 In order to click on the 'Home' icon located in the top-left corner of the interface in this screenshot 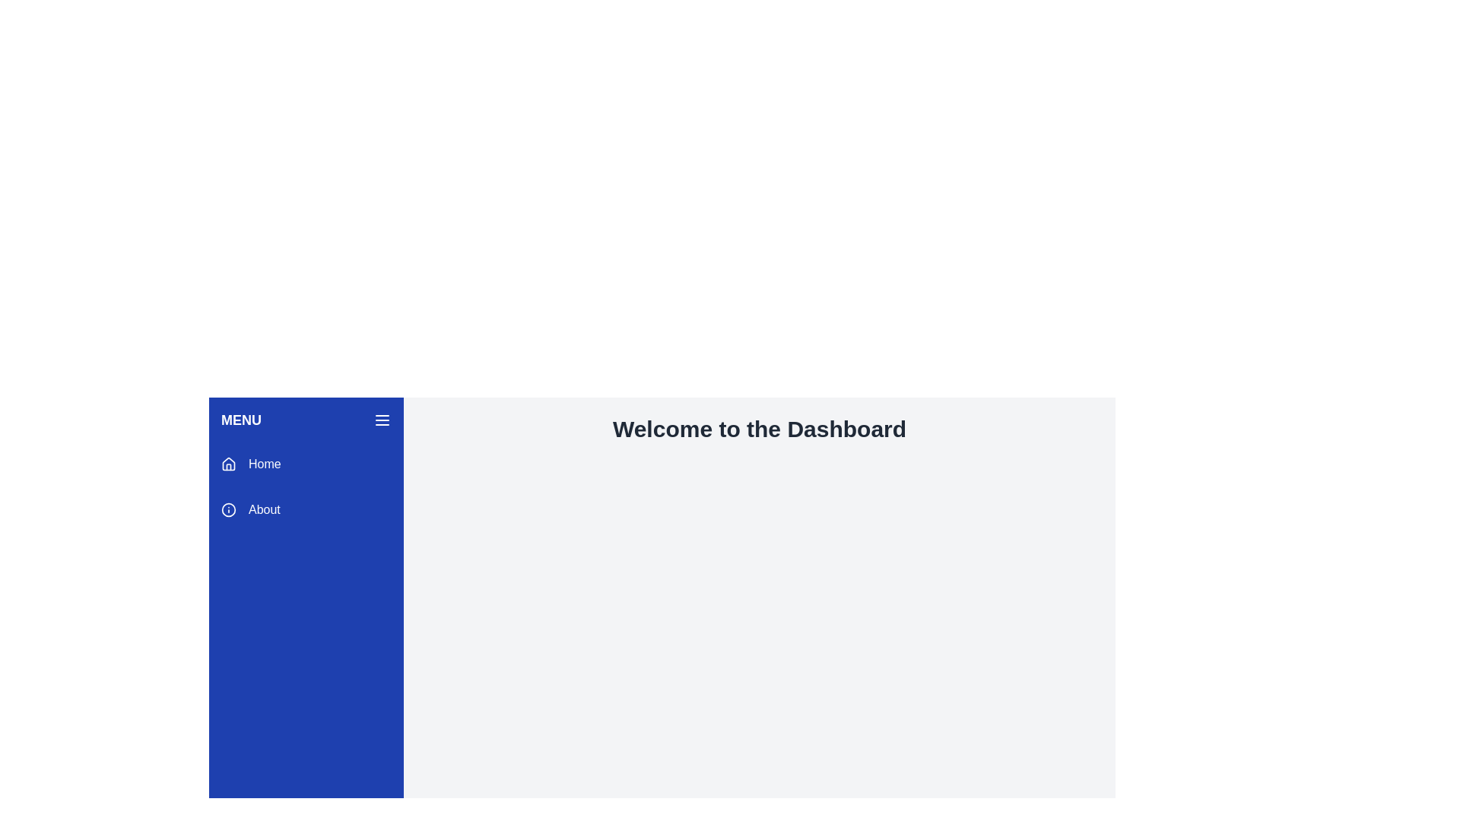, I will do `click(228, 463)`.